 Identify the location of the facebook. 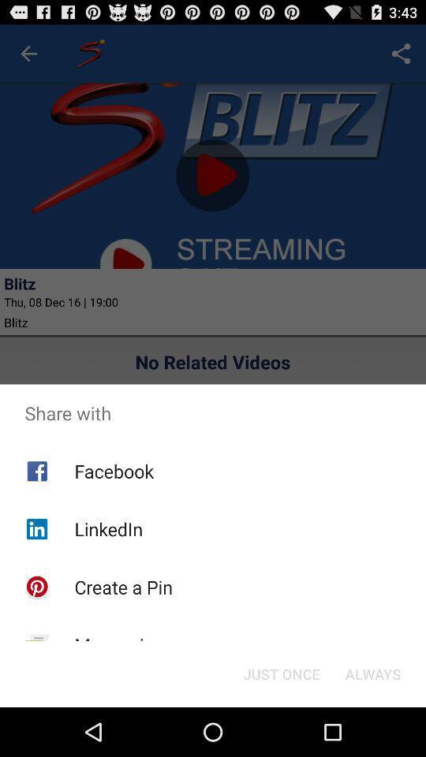
(113, 471).